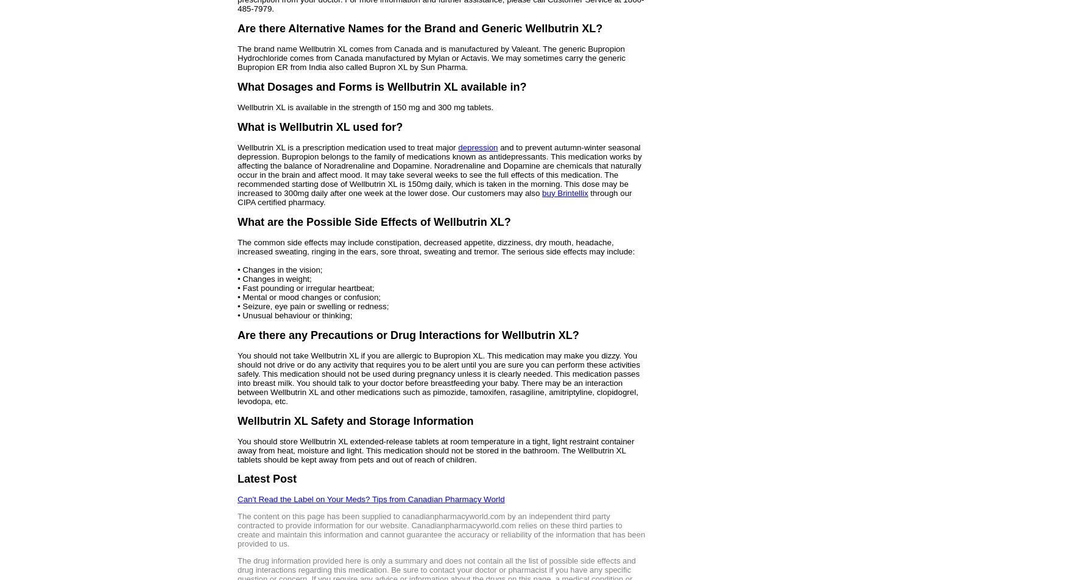  I want to click on 'What is Wellbutrin XL used for?', so click(319, 126).